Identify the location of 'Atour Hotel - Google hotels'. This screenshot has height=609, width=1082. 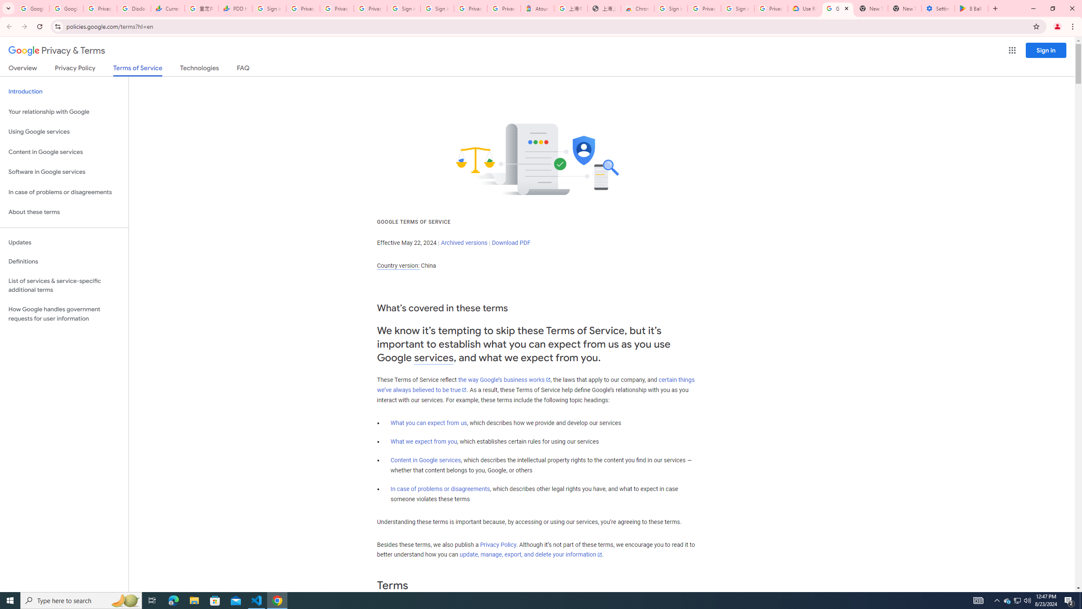
(537, 8).